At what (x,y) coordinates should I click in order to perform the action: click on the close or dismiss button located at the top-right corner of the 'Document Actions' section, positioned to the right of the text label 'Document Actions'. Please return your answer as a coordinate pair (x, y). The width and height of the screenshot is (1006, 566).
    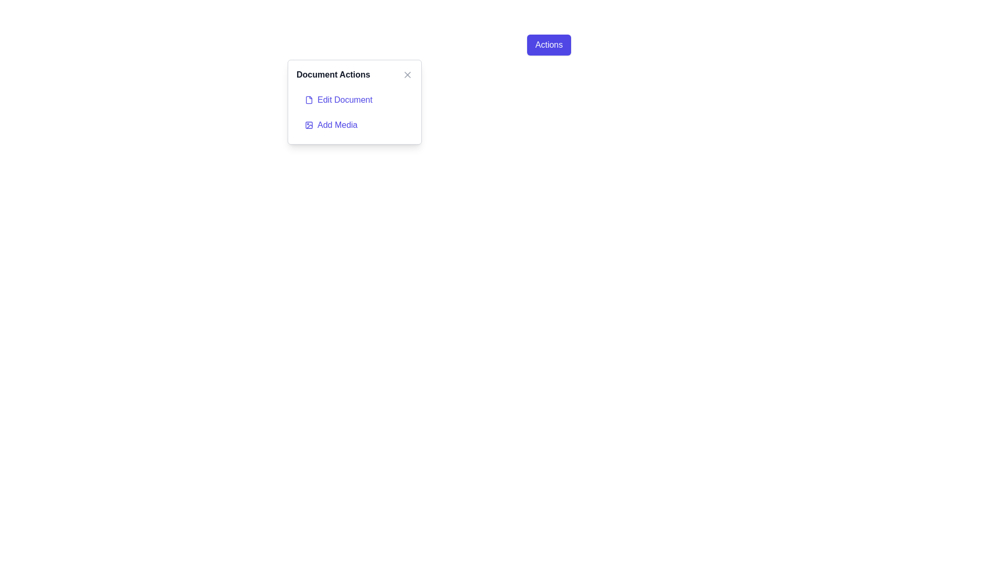
    Looking at the image, I should click on (407, 74).